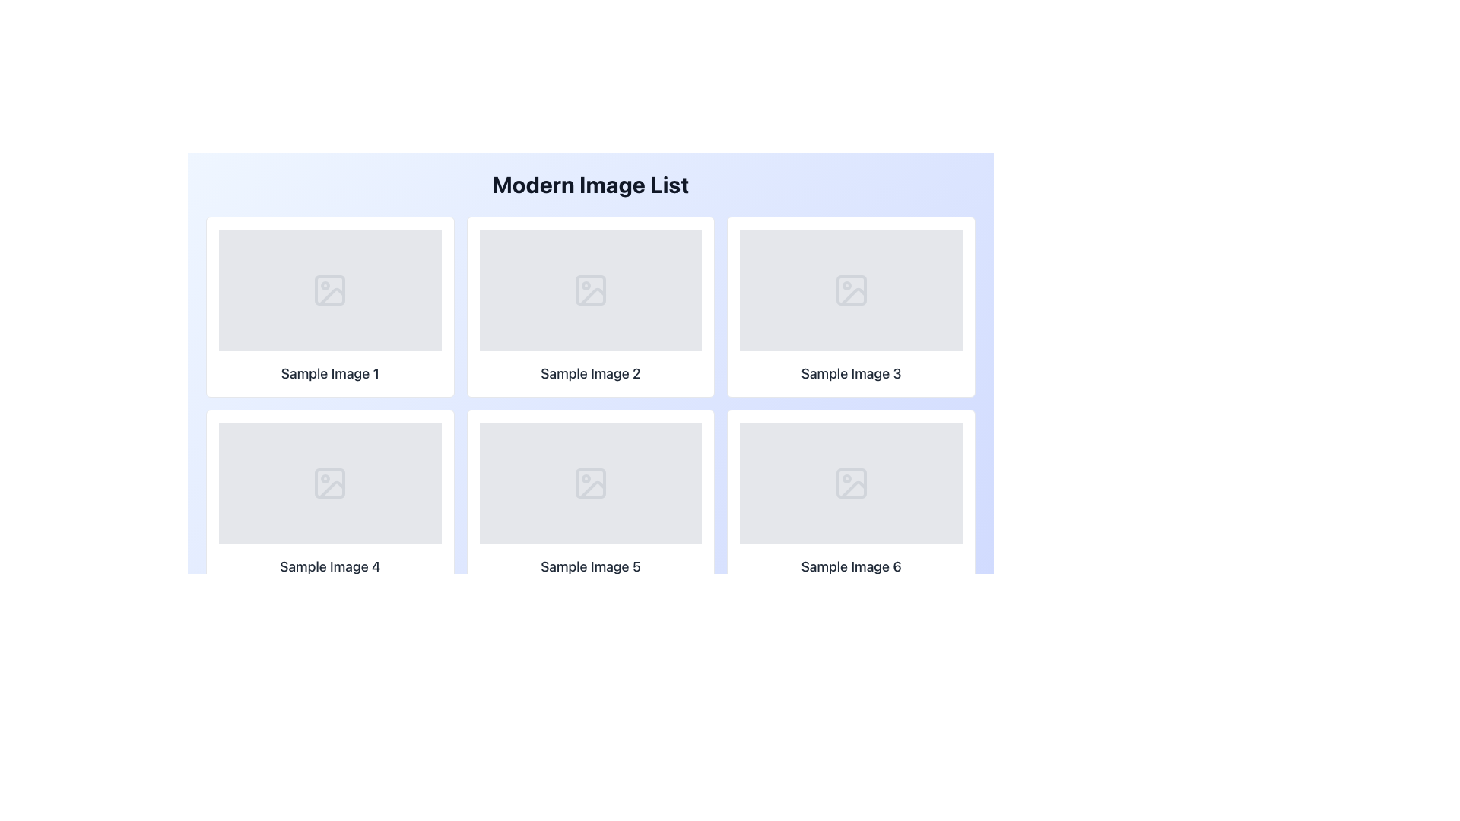 The height and width of the screenshot is (821, 1460). Describe the element at coordinates (590, 290) in the screenshot. I see `the Decorative SVG rectangle in the second image box labeled 'Sample Image 2' on the Modern Image List interface` at that location.